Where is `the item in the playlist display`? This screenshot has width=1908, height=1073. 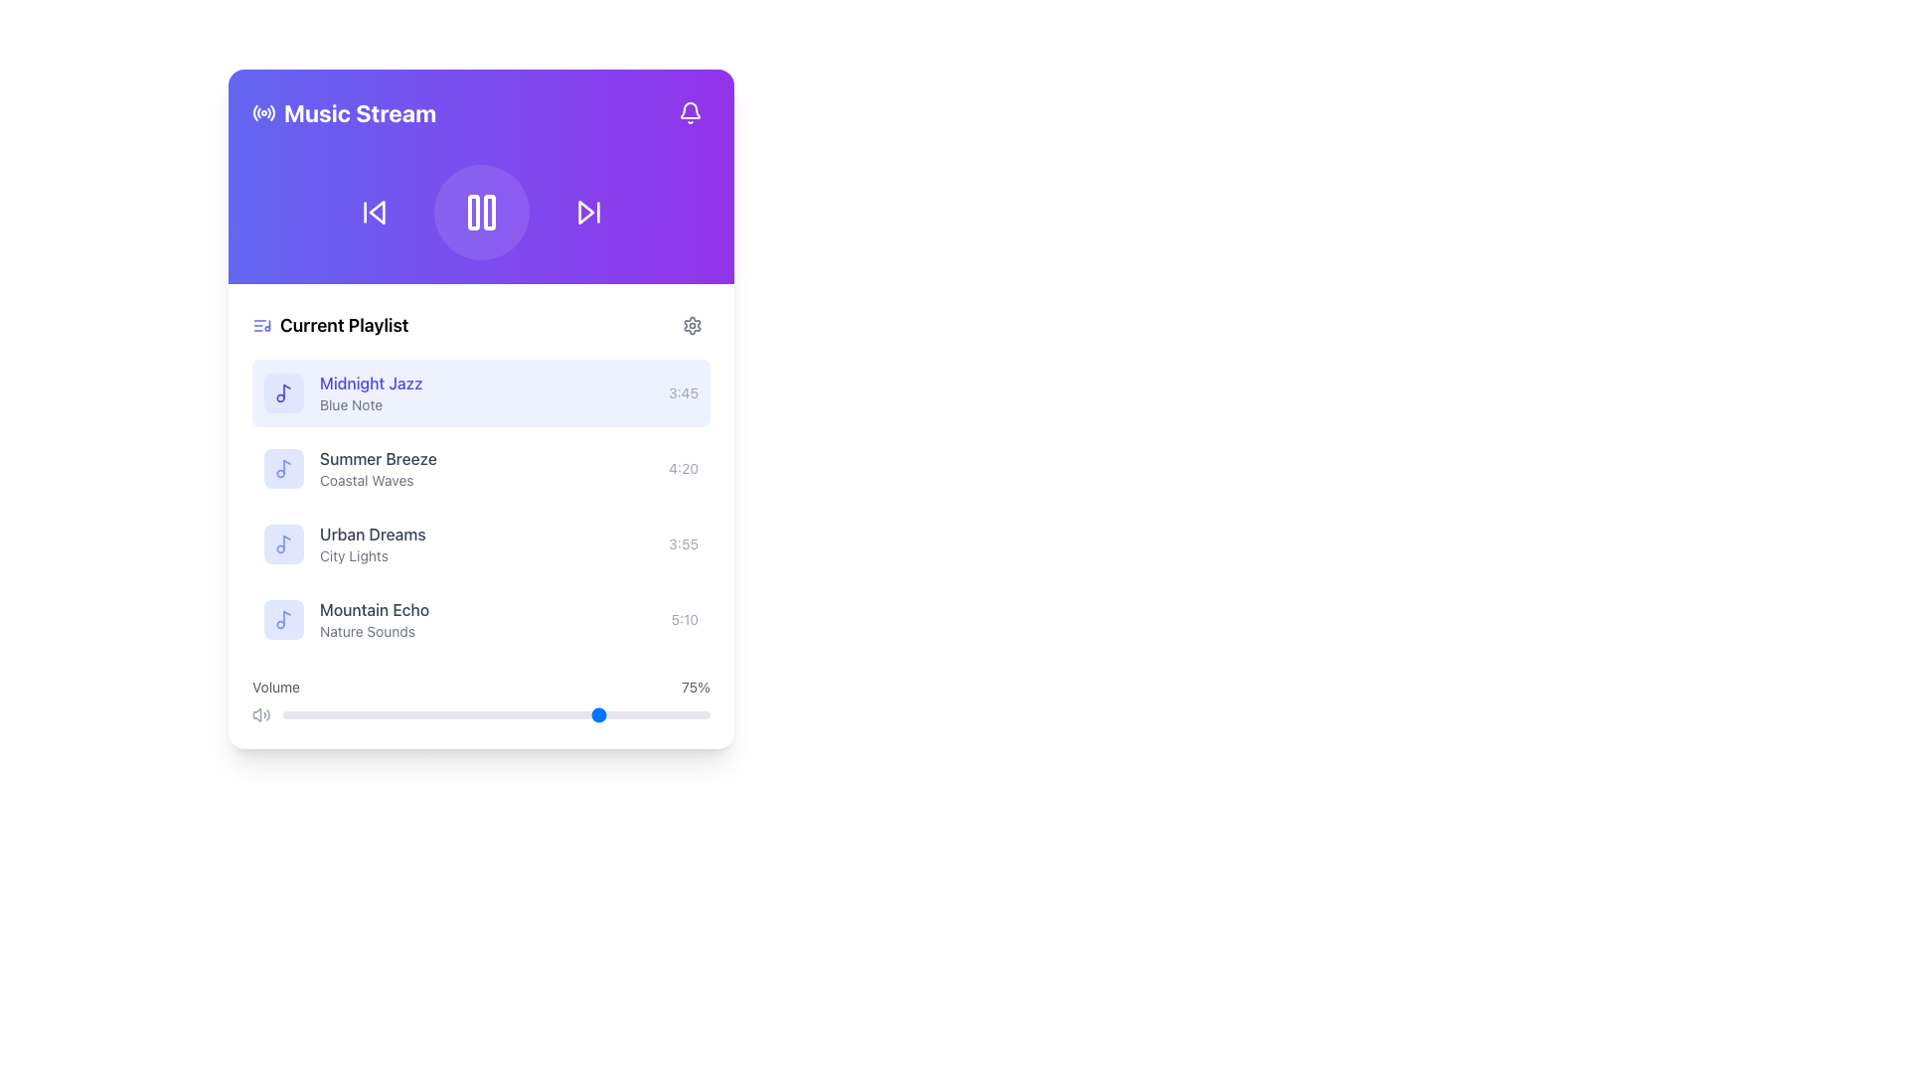
the item in the playlist display is located at coordinates (481, 505).